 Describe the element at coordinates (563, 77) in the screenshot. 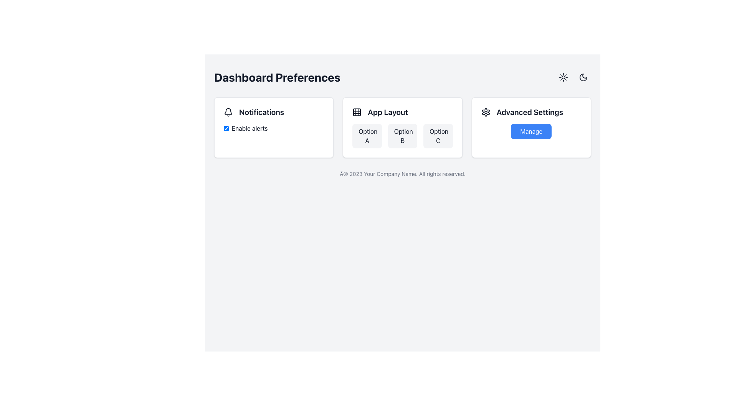

I see `the light theme toggle button located in the top-right corner of the interface` at that location.